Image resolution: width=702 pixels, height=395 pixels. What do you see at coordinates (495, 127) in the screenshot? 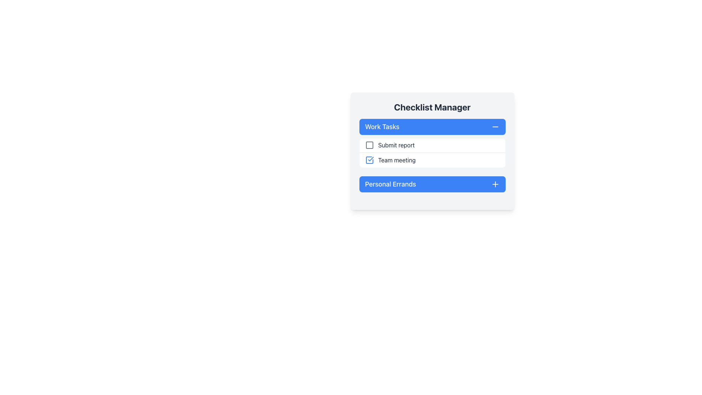
I see `the minus icon button in the top-right corner of the 'Work Tasks' section` at bounding box center [495, 127].